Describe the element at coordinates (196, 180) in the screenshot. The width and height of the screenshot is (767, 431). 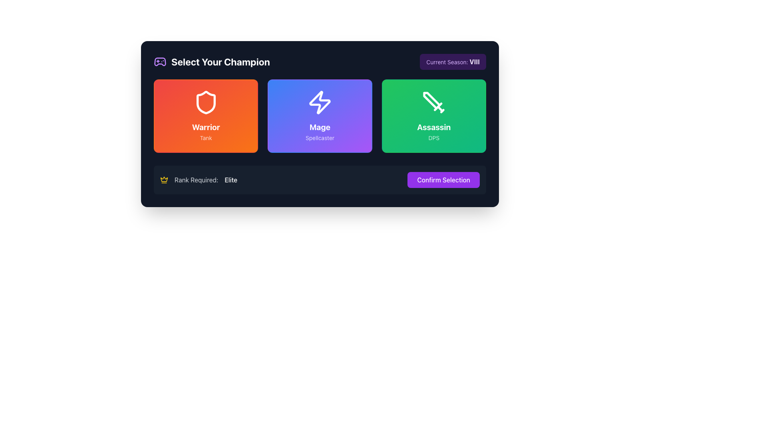
I see `the text label that displays 'Rank Required:', styled in gray, located to the right of a crown icon and to the left of 'Elite'` at that location.